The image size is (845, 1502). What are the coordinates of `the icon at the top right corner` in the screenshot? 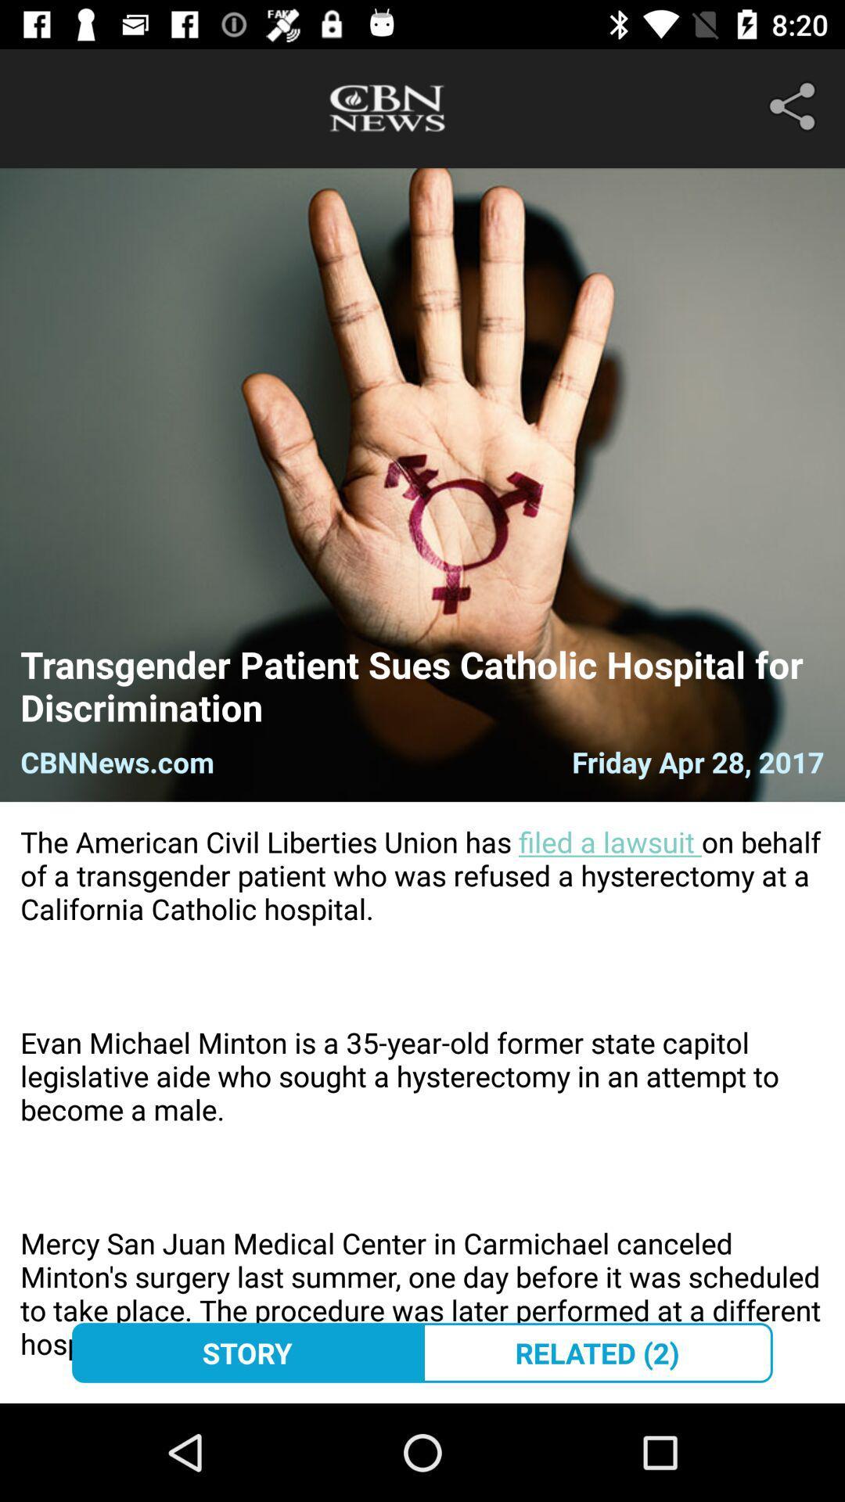 It's located at (796, 106).